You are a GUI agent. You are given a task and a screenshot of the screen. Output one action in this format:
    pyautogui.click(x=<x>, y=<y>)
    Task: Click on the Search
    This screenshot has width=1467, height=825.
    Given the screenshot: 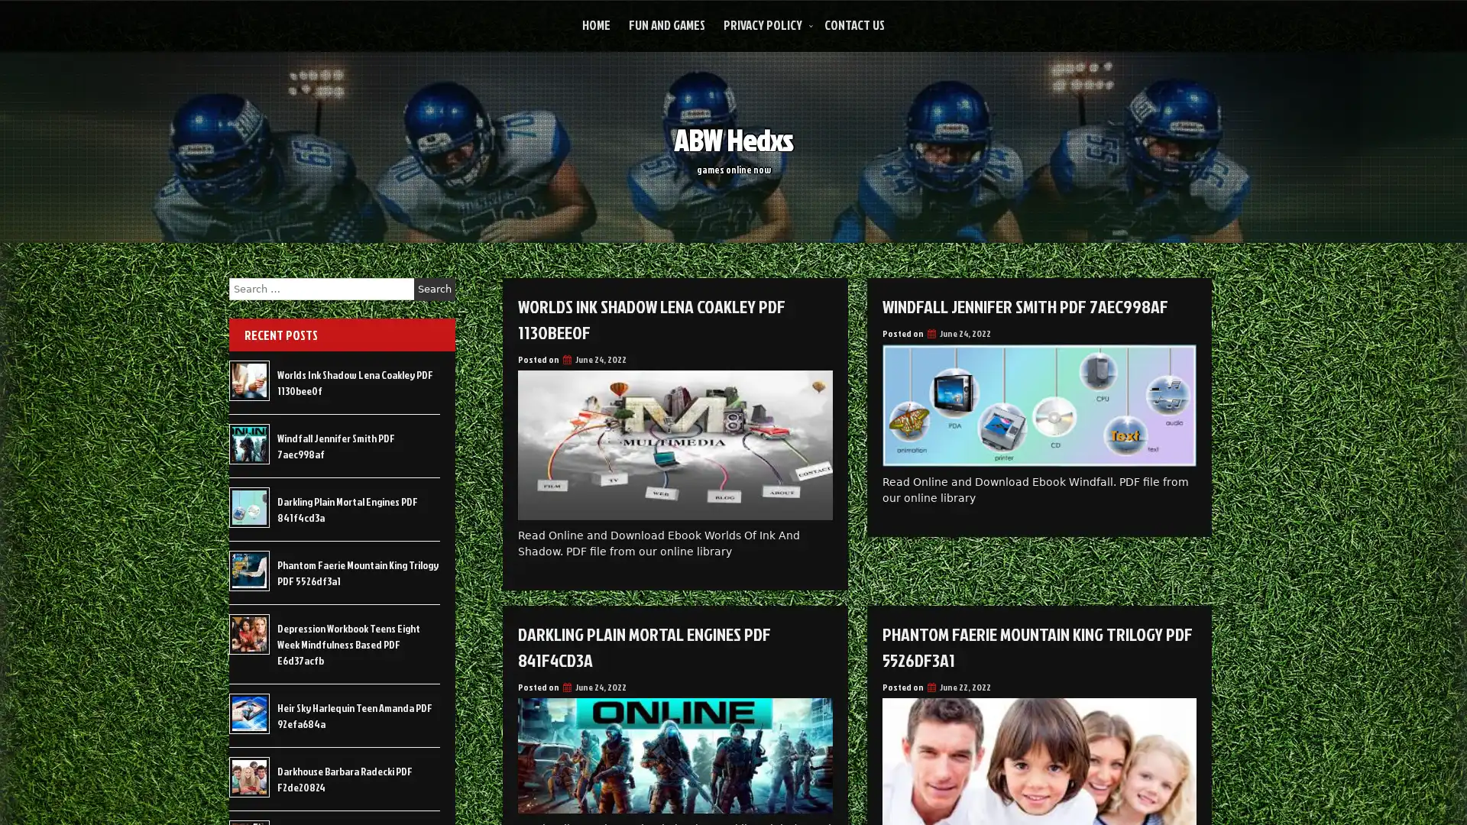 What is the action you would take?
    pyautogui.click(x=434, y=289)
    